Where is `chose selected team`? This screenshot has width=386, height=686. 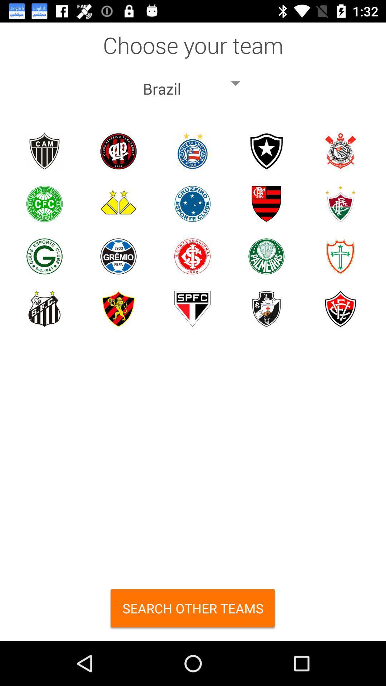
chose selected team is located at coordinates (44, 203).